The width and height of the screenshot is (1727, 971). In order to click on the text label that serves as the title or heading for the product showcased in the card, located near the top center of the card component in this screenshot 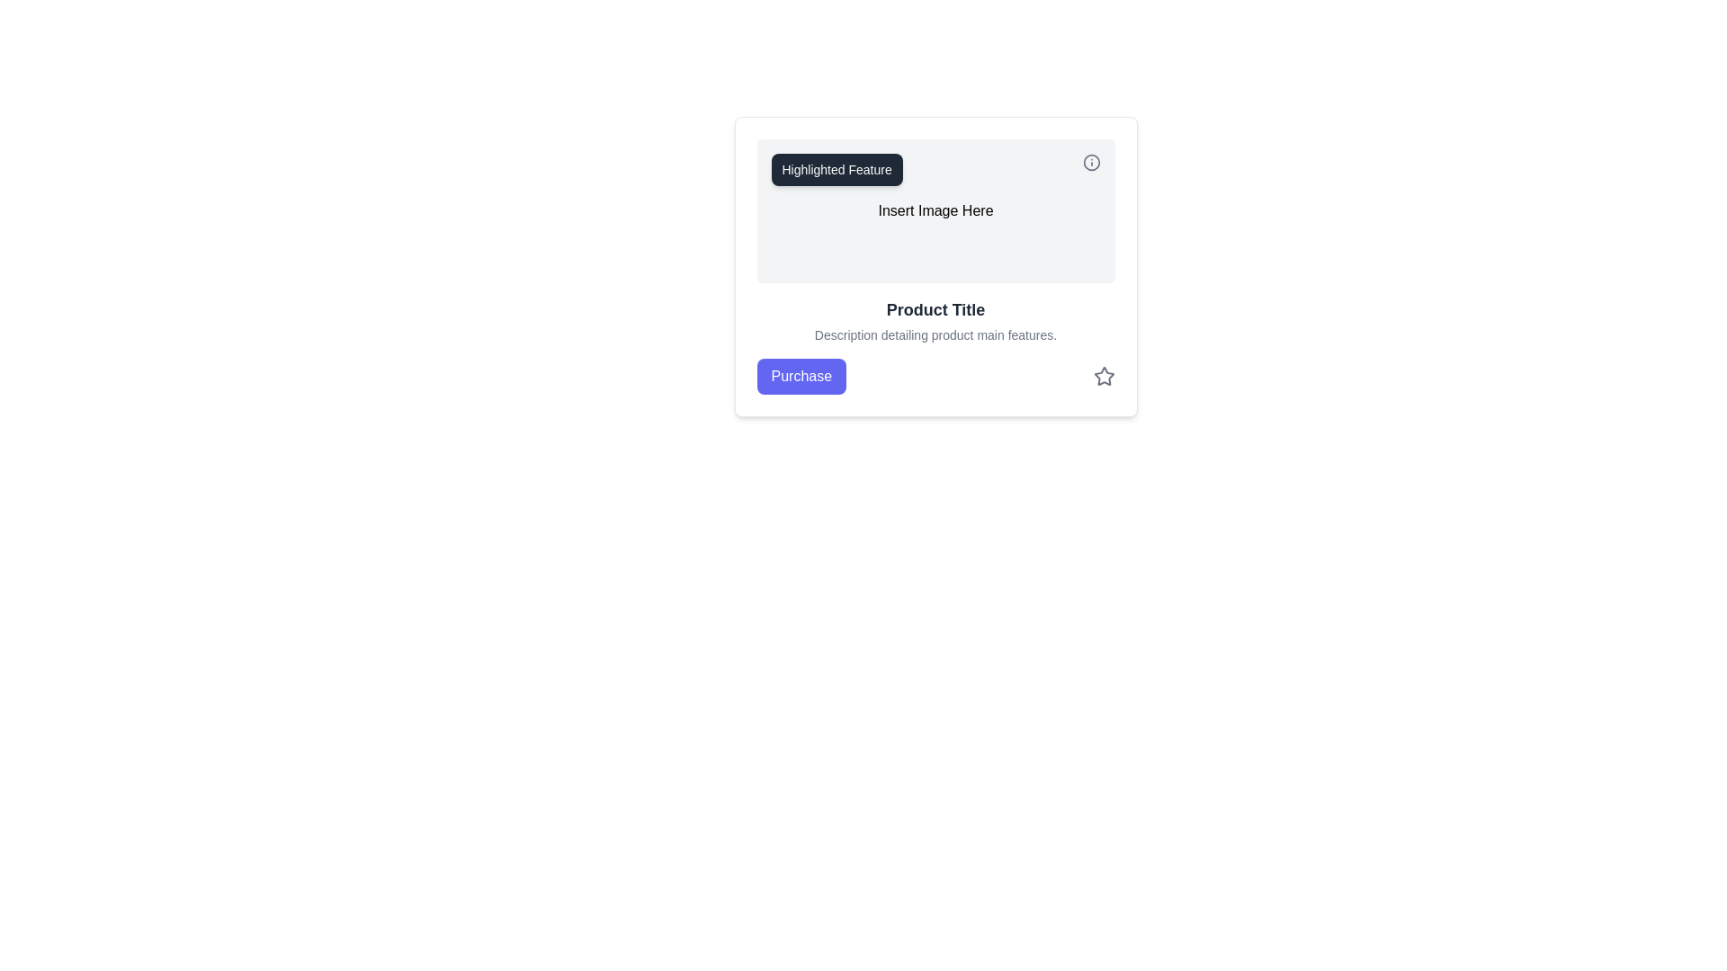, I will do `click(935, 308)`.